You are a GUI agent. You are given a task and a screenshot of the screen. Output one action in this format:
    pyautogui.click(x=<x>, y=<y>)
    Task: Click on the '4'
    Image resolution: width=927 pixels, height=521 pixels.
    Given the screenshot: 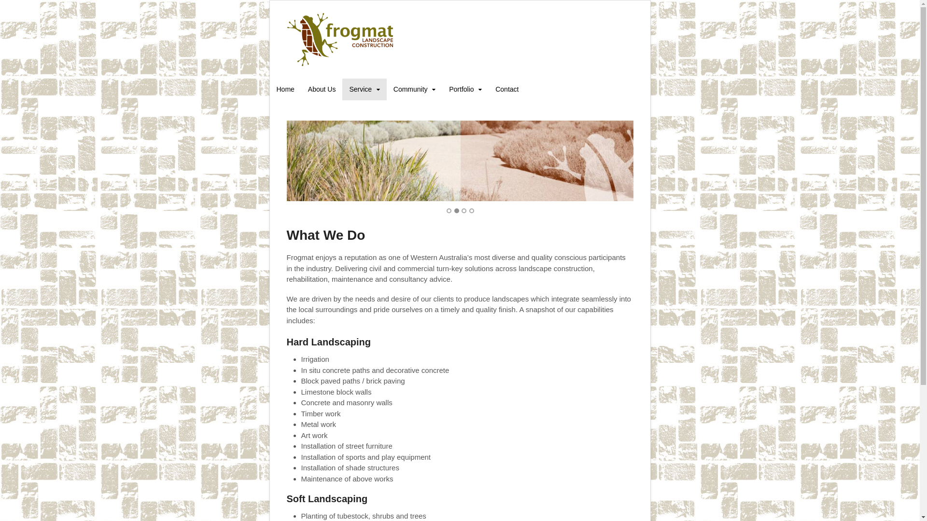 What is the action you would take?
    pyautogui.click(x=472, y=210)
    